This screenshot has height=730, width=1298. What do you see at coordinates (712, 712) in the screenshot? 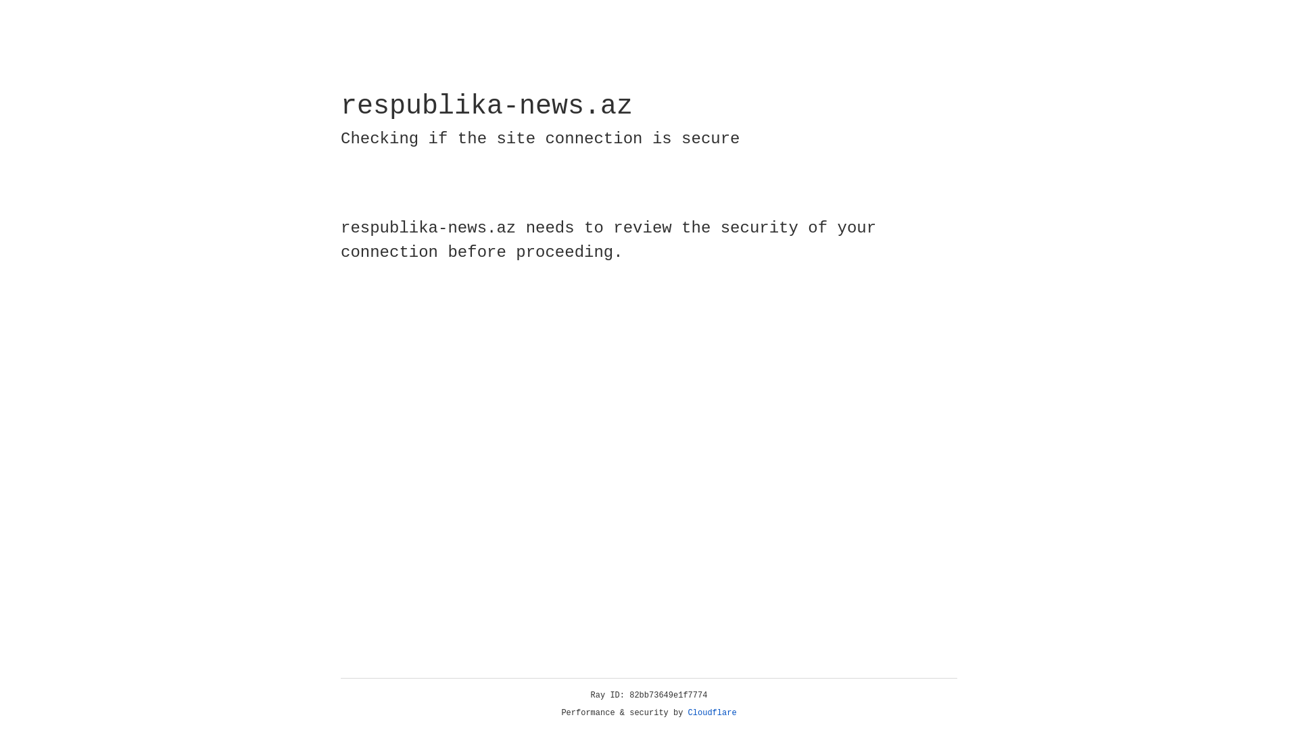
I see `'Cloudflare'` at bounding box center [712, 712].